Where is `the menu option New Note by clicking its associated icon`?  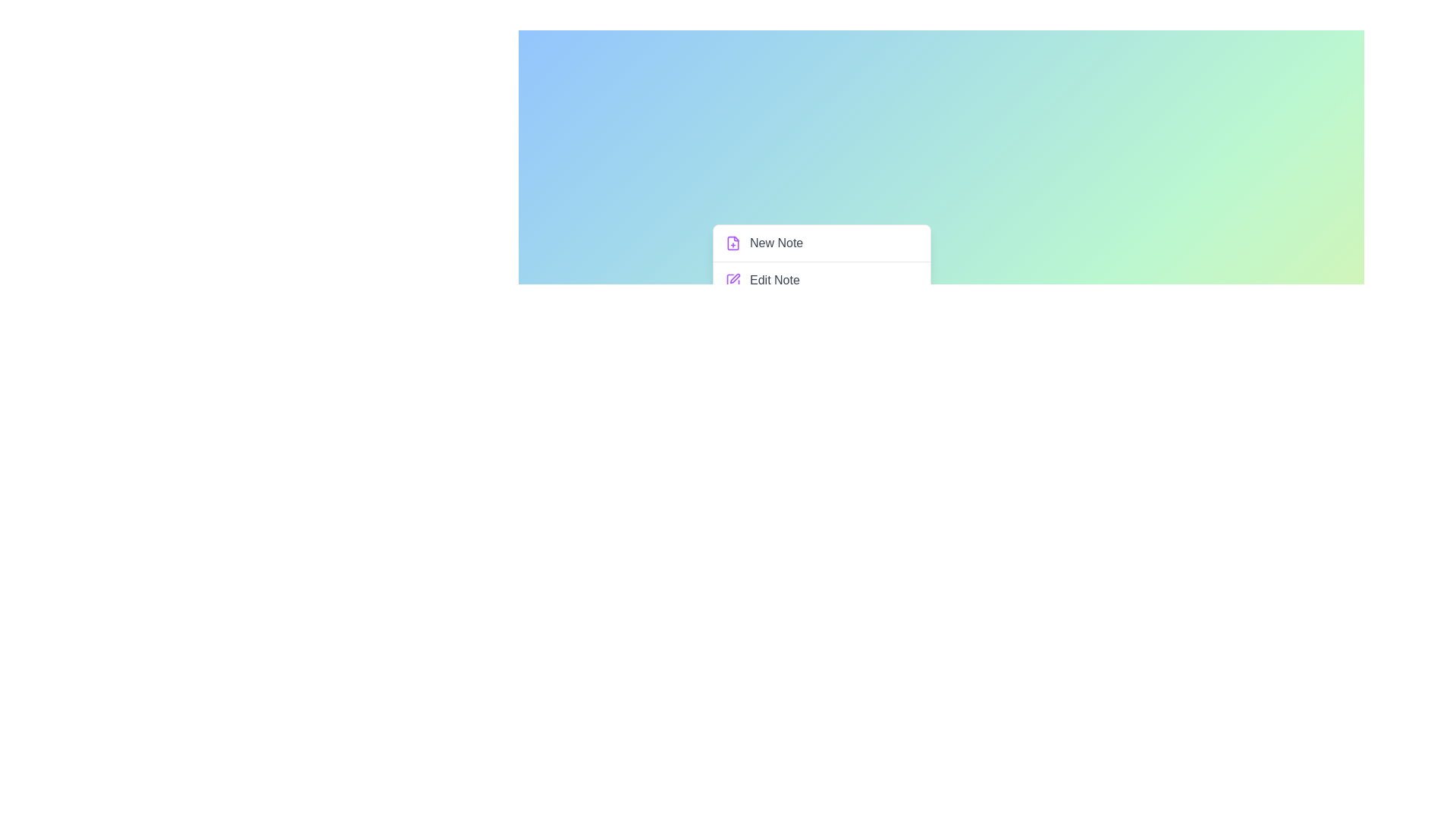
the menu option New Note by clicking its associated icon is located at coordinates (733, 242).